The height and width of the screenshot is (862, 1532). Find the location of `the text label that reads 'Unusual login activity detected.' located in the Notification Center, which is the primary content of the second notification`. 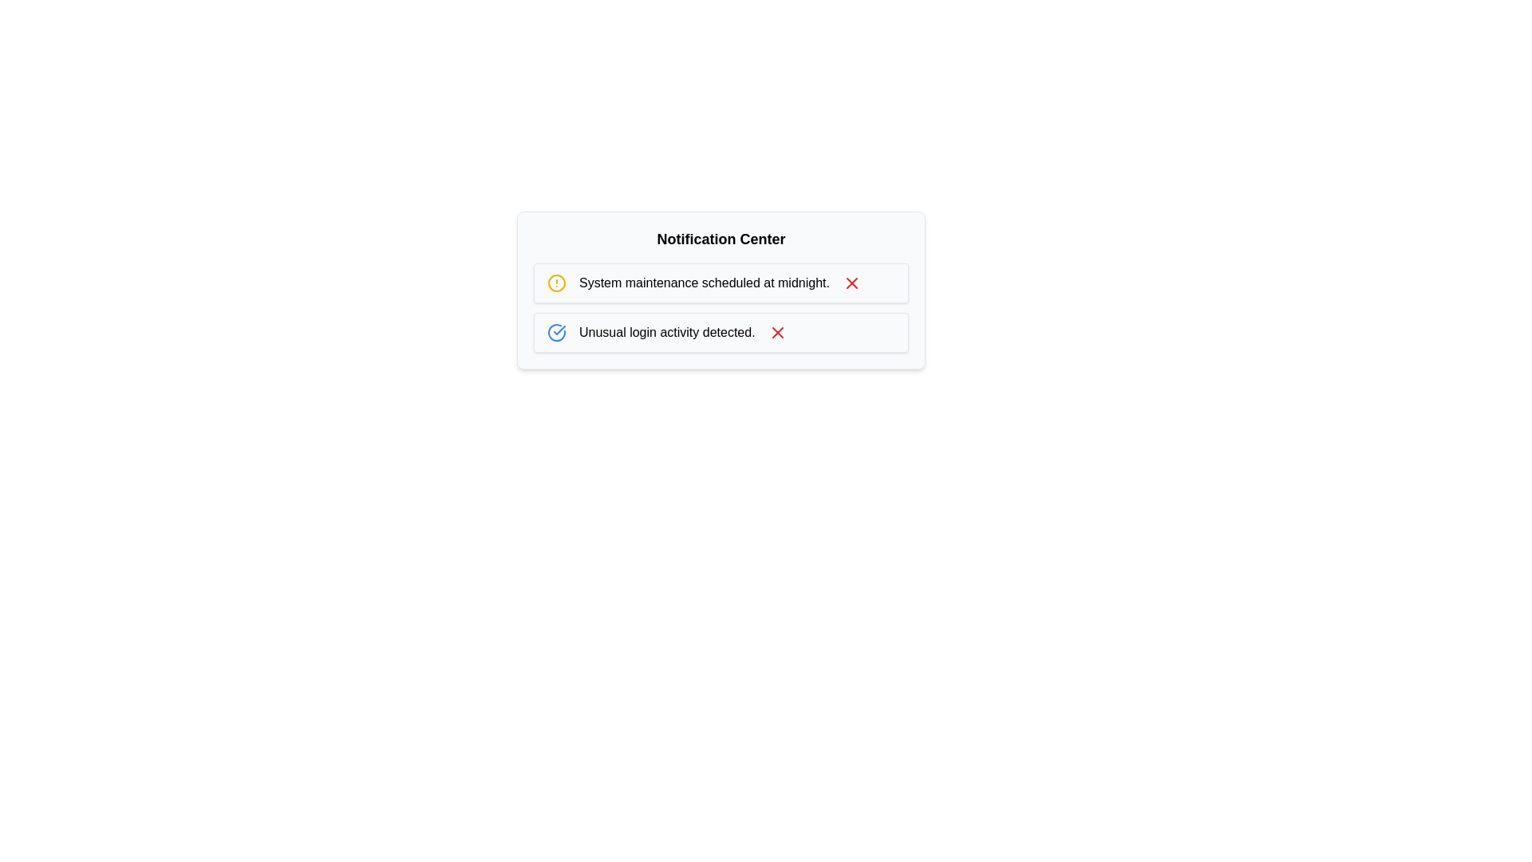

the text label that reads 'Unusual login activity detected.' located in the Notification Center, which is the primary content of the second notification is located at coordinates (667, 331).